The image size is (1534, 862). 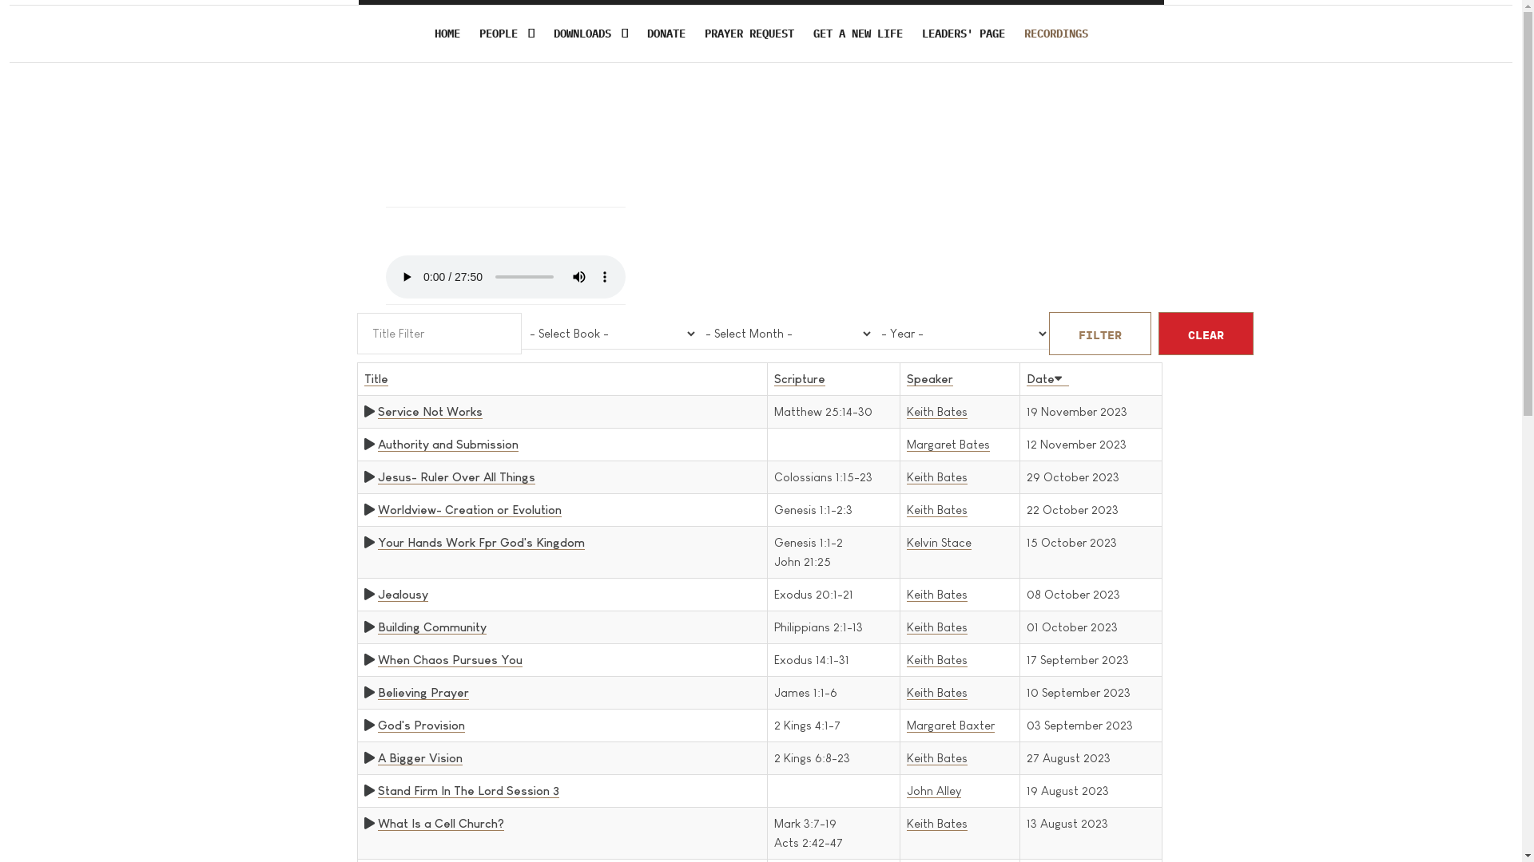 What do you see at coordinates (479, 541) in the screenshot?
I see `'Your Hands Work Fpr God's Kingdom'` at bounding box center [479, 541].